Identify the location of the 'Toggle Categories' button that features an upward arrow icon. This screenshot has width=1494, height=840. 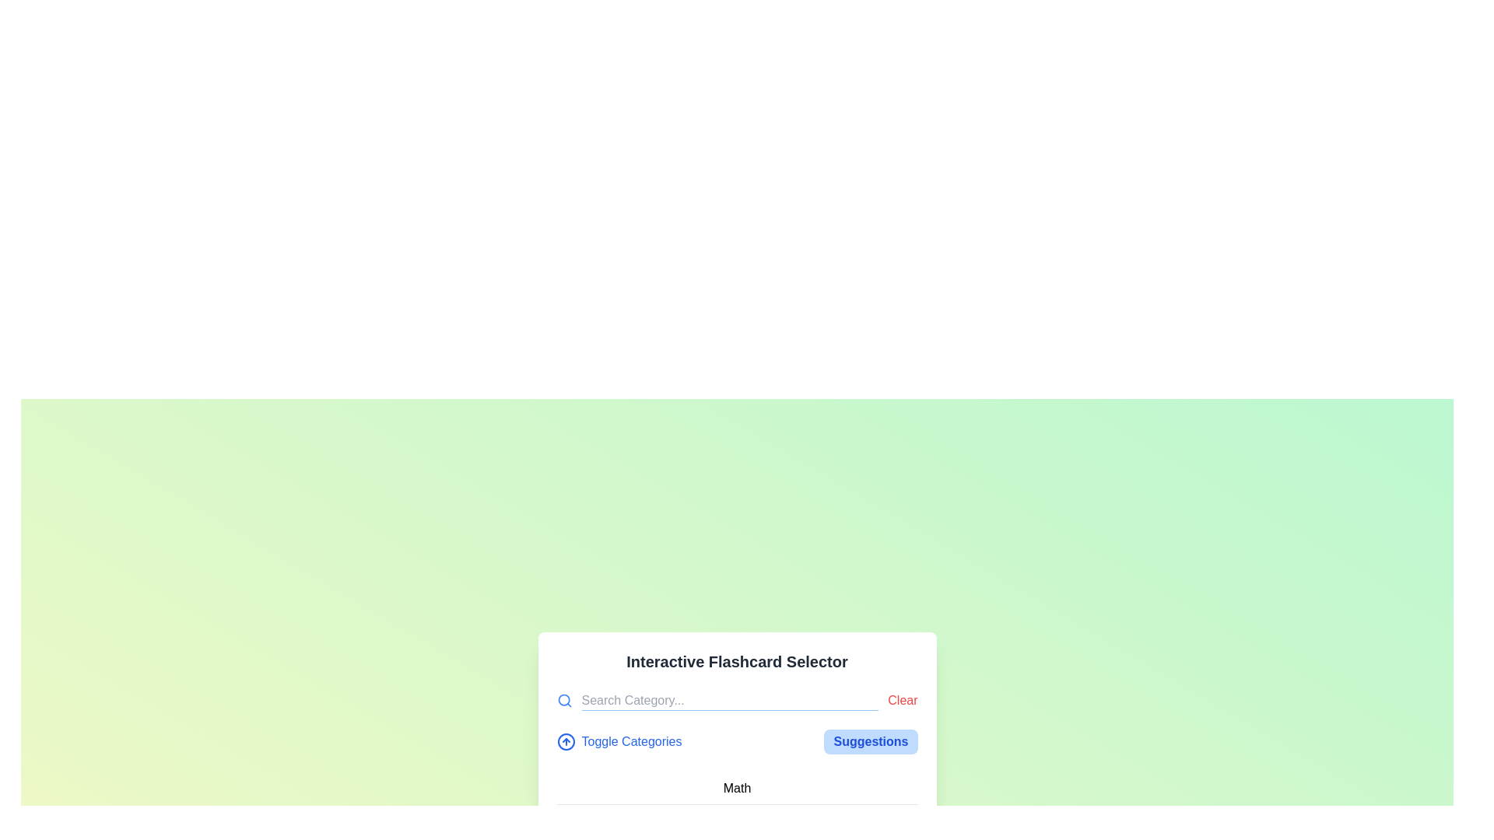
(619, 740).